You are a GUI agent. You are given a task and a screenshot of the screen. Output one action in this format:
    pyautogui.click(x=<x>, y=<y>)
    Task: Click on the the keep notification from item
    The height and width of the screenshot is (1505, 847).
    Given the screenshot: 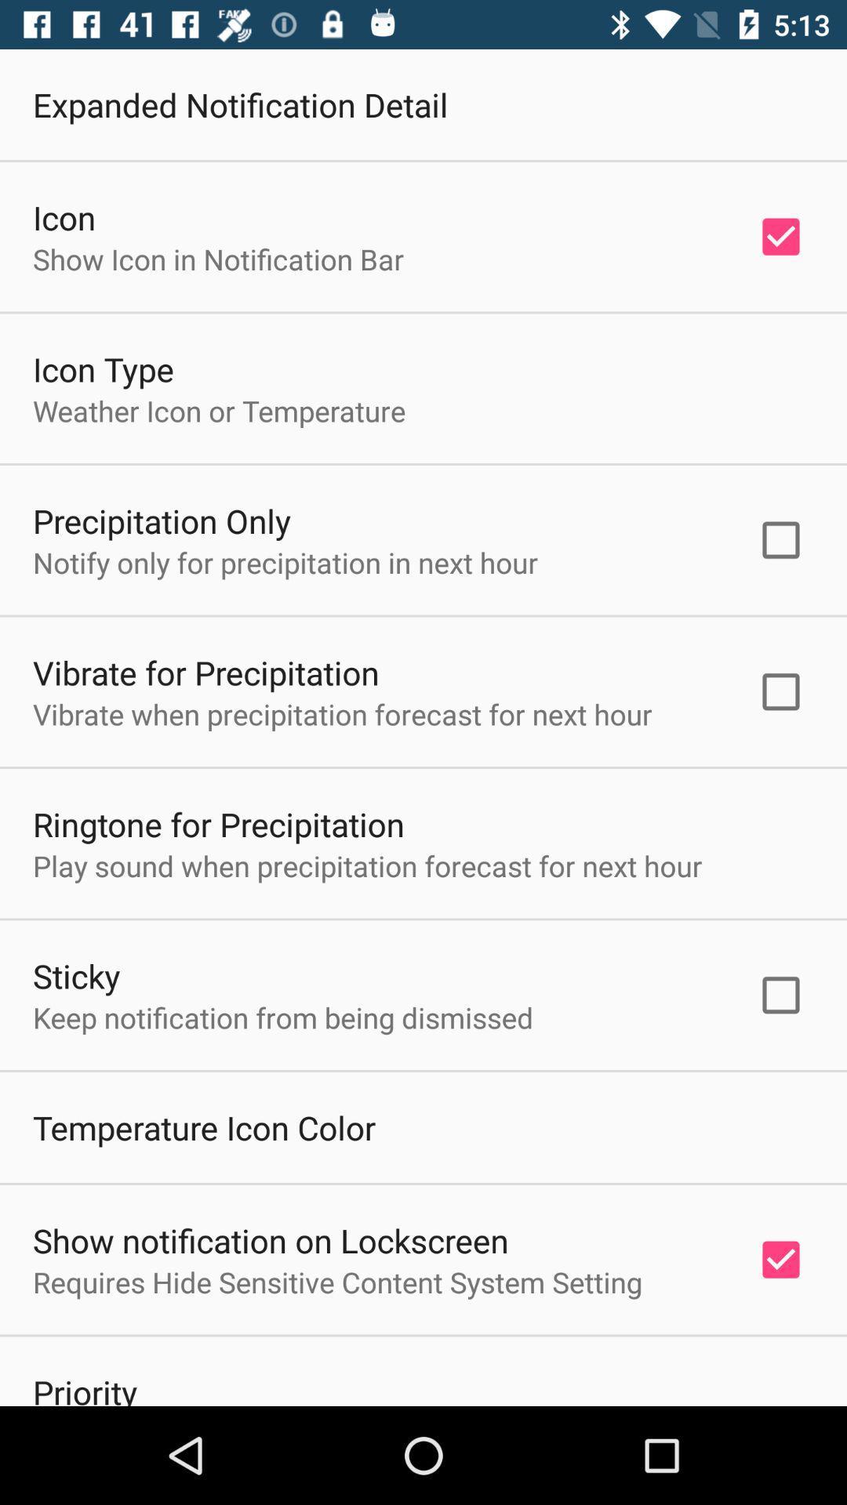 What is the action you would take?
    pyautogui.click(x=283, y=1017)
    